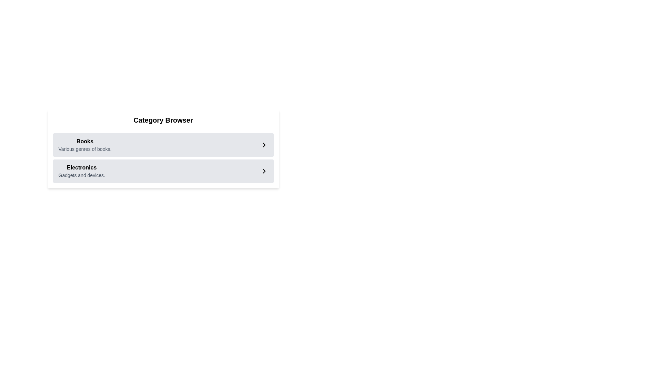 Image resolution: width=662 pixels, height=372 pixels. What do you see at coordinates (82, 167) in the screenshot?
I see `'Electronics' text label, which is a bold label on a light-gray background, positioned above the description 'Gadgets and devices' in a category list` at bounding box center [82, 167].